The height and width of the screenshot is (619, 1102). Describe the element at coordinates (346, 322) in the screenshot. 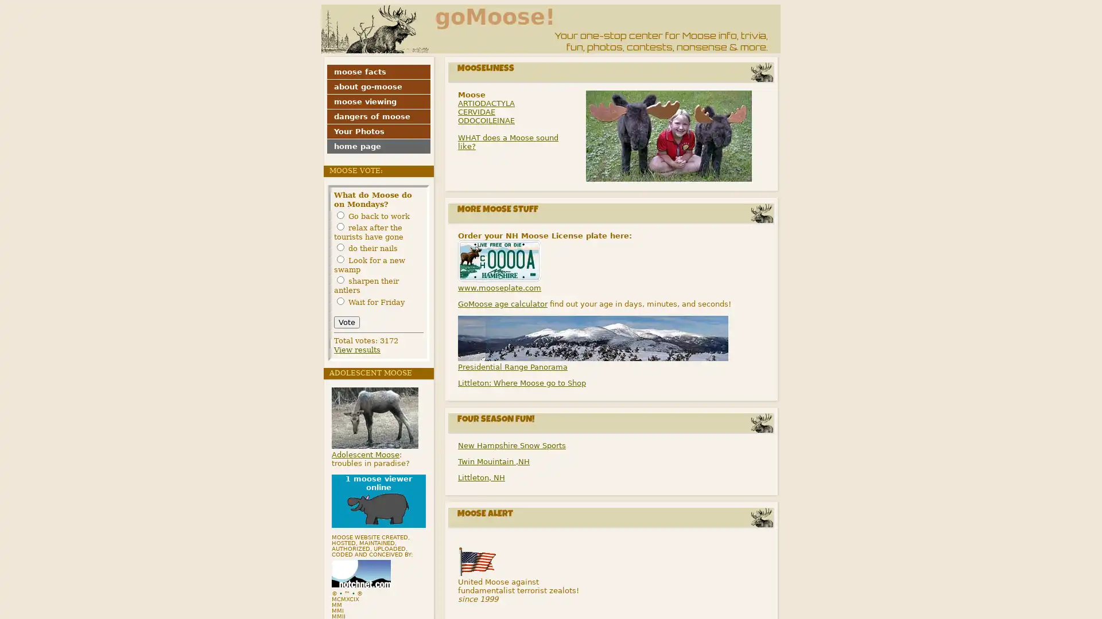

I see `Vote` at that location.